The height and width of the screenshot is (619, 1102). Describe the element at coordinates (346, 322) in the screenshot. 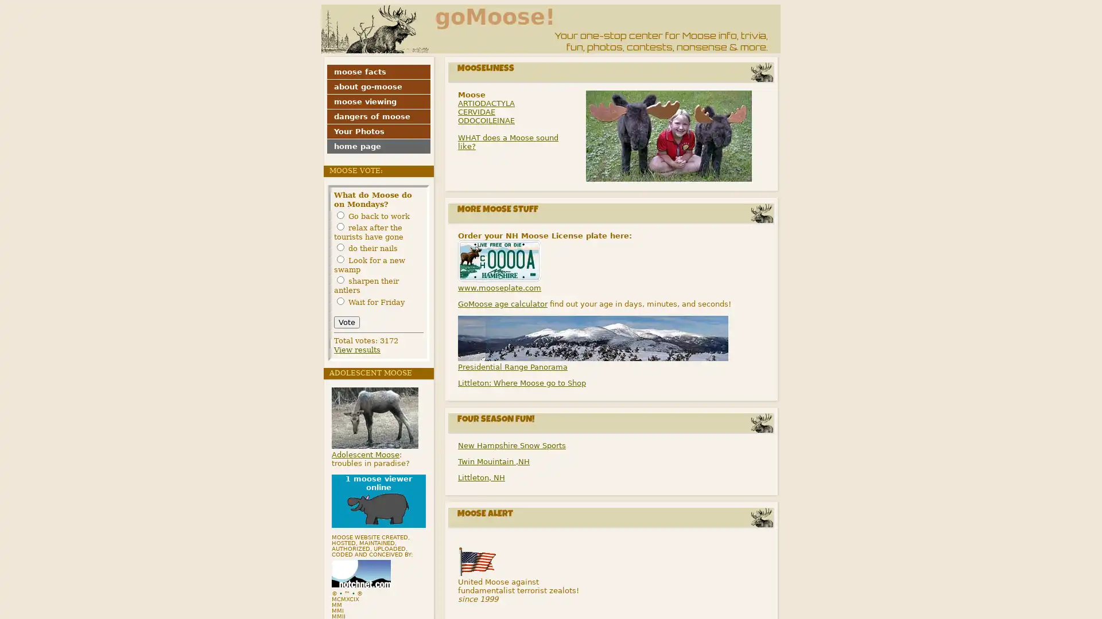

I see `Vote` at that location.